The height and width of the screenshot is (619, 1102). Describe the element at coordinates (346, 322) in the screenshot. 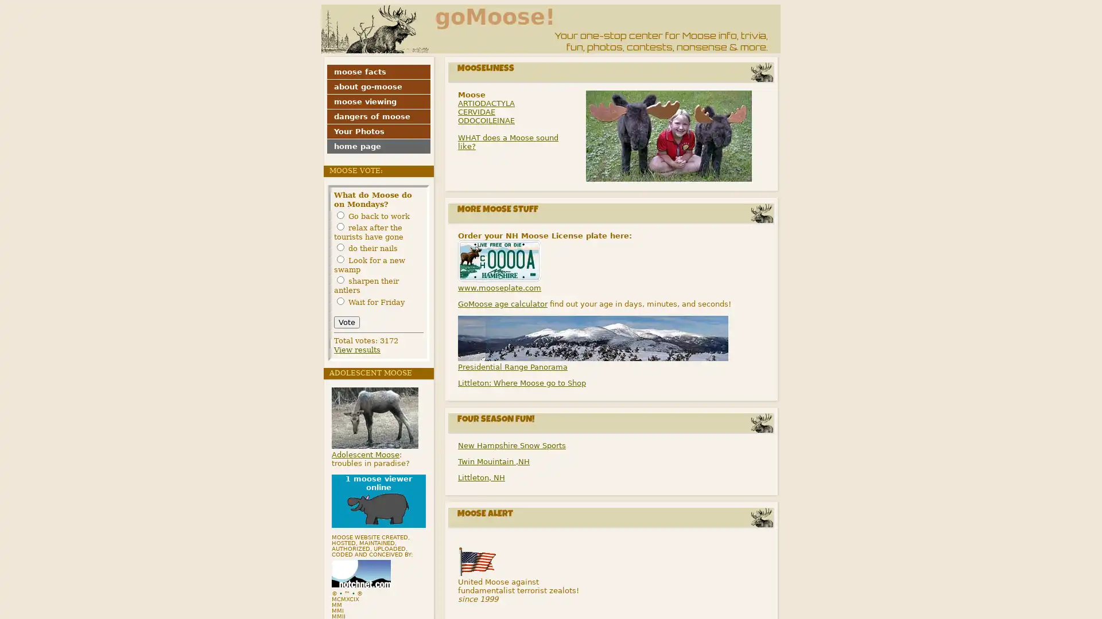

I see `Vote` at that location.